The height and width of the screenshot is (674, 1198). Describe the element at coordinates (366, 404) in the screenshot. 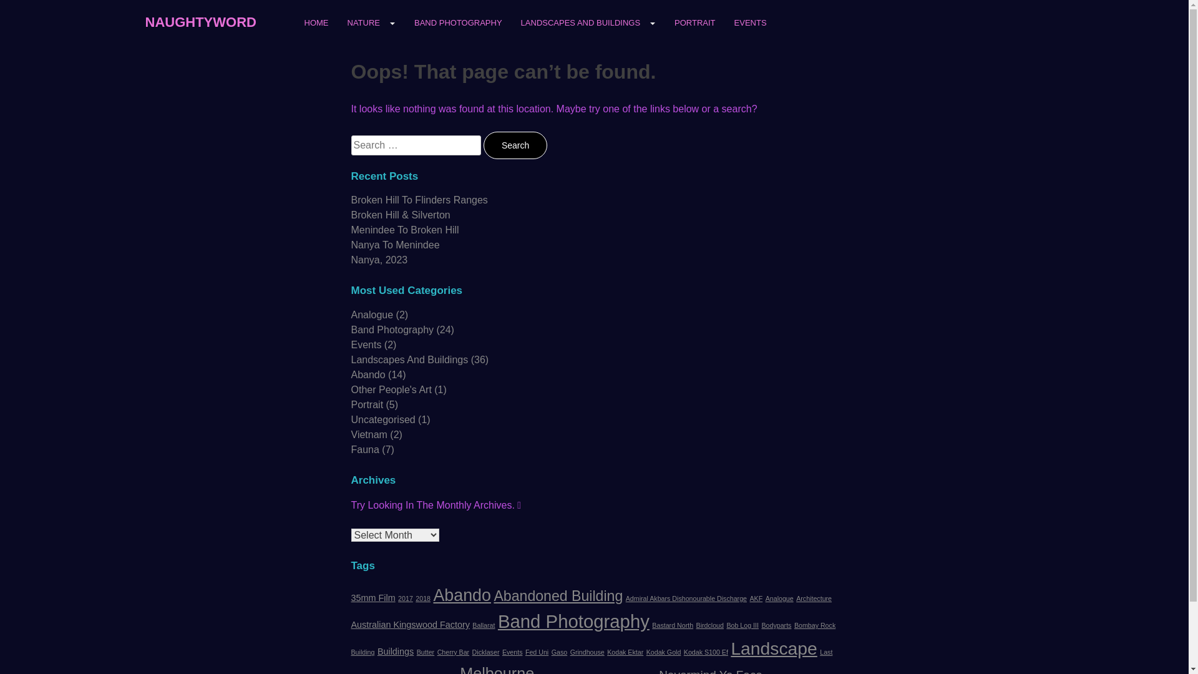

I see `'Portrait'` at that location.